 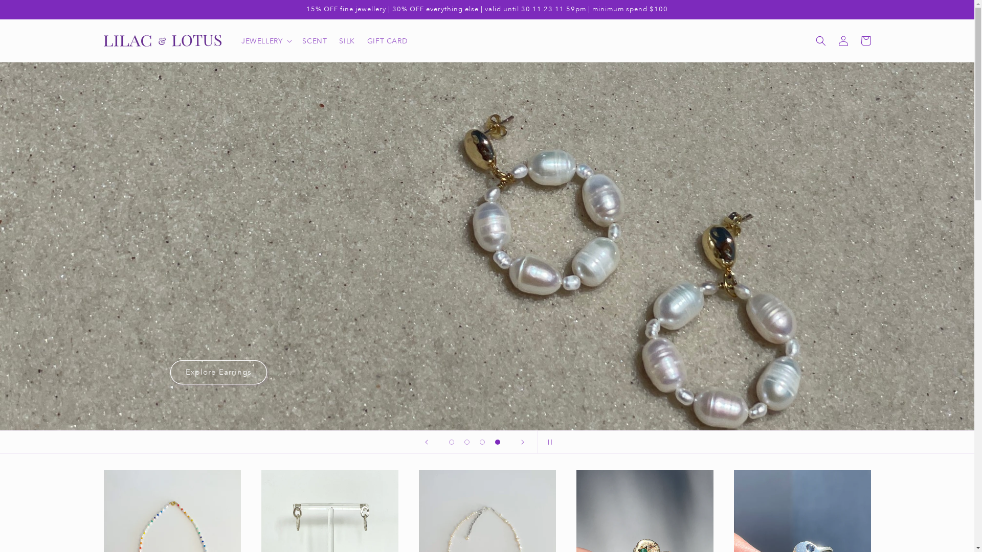 What do you see at coordinates (218, 372) in the screenshot?
I see `'Explore Earrings'` at bounding box center [218, 372].